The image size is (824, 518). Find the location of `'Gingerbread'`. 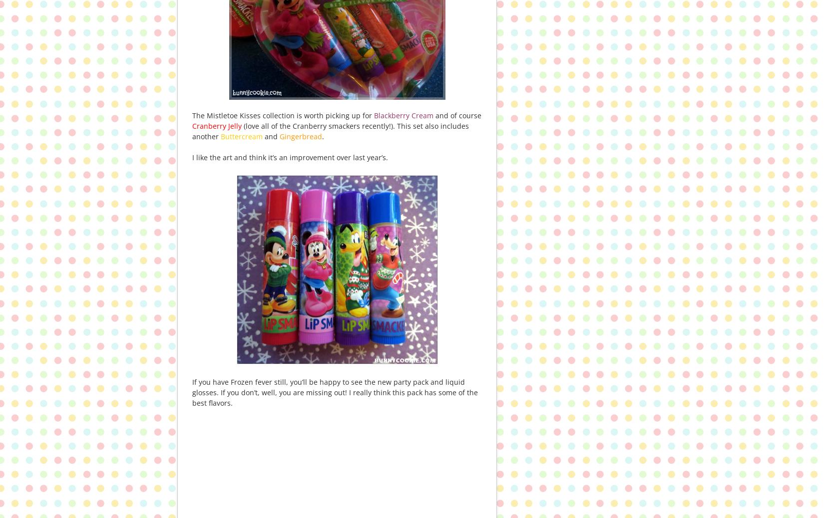

'Gingerbread' is located at coordinates (299, 136).